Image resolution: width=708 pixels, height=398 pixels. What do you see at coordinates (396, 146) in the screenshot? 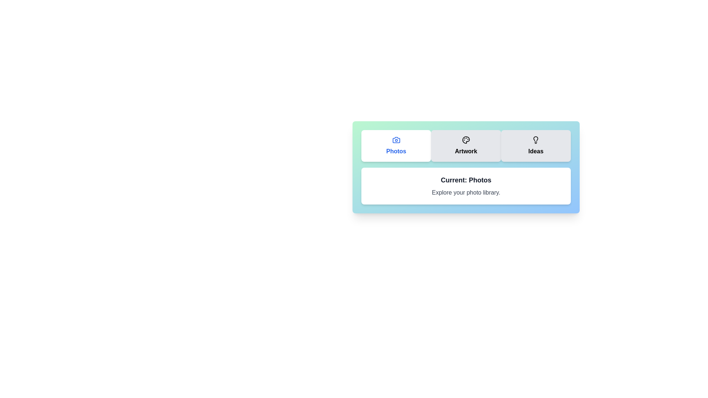
I see `the Photos tab by clicking the corresponding button` at bounding box center [396, 146].